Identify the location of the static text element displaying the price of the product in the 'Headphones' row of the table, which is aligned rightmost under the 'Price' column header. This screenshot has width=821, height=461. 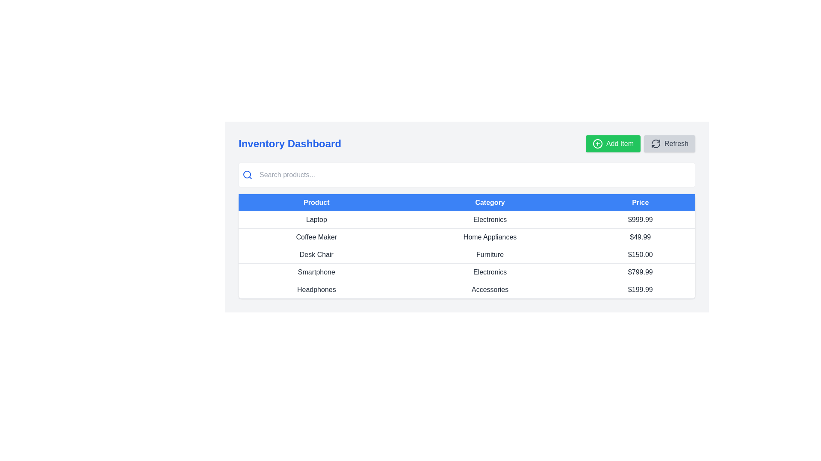
(640, 289).